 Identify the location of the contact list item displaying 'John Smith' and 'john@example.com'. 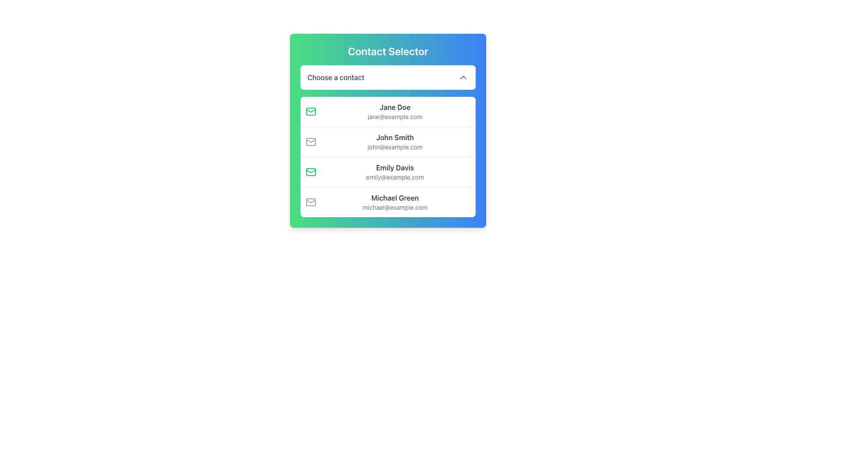
(388, 131).